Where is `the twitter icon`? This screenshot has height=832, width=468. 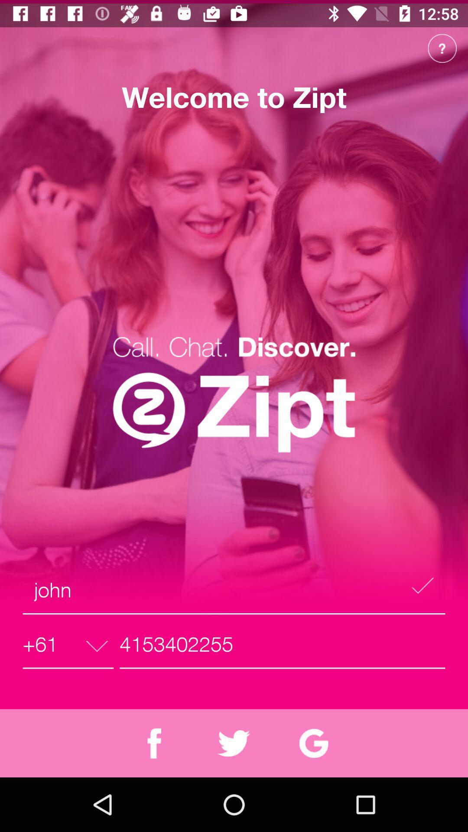 the twitter icon is located at coordinates (234, 743).